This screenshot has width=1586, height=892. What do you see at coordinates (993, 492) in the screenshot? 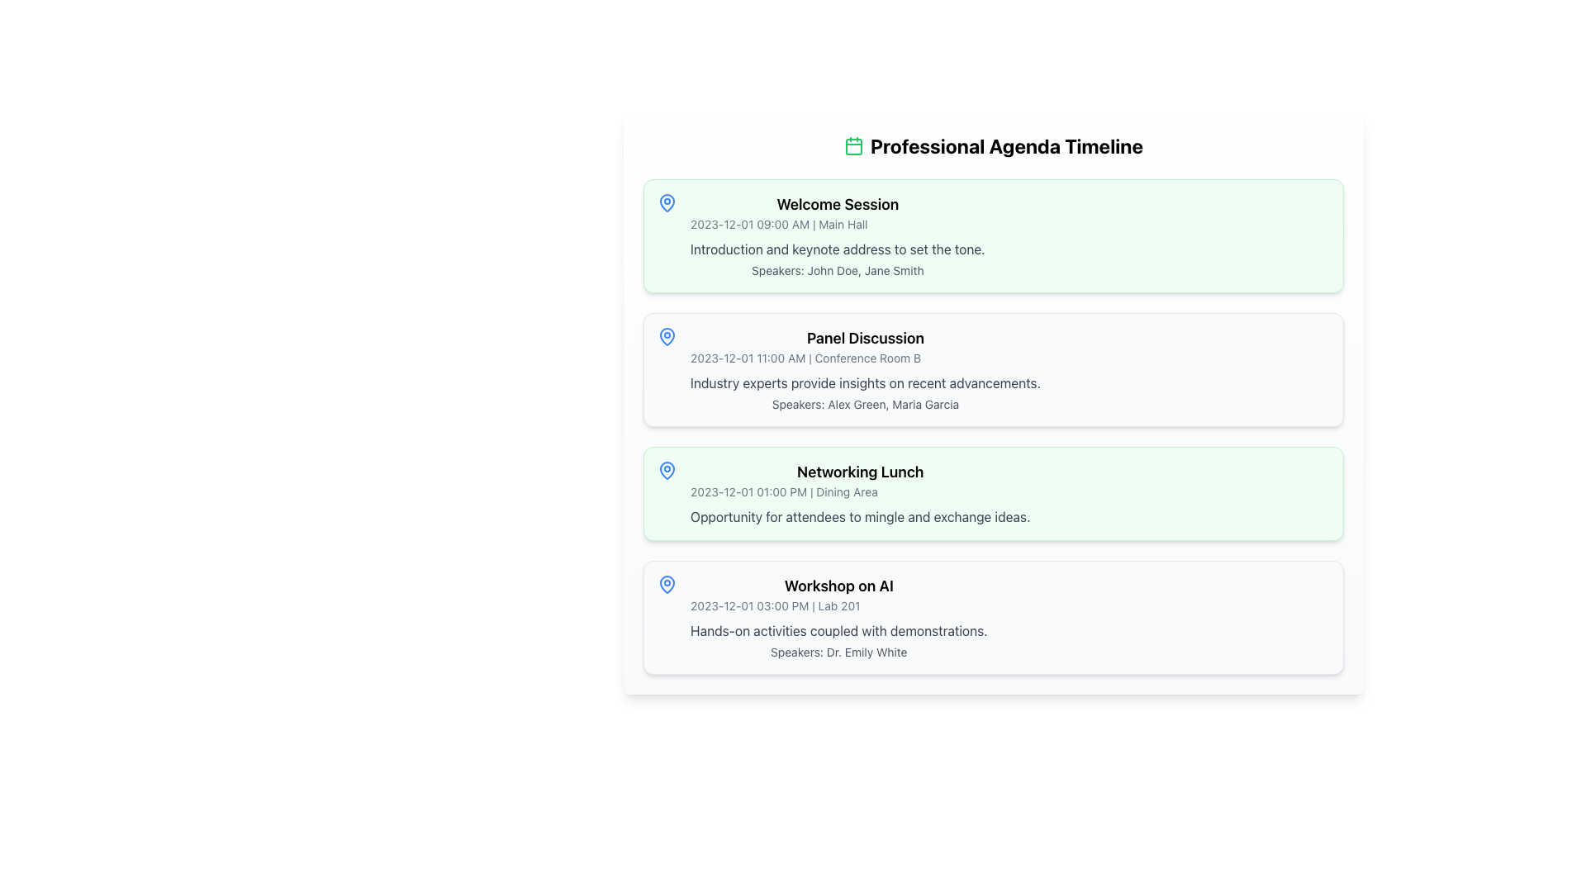
I see `the details of the 'Networking Lunch' text block, which includes the subtitle and descriptive paragraph, positioned within a green-shaded panel below 'Panel Discussion' and above 'Workshop on AI'` at bounding box center [993, 492].